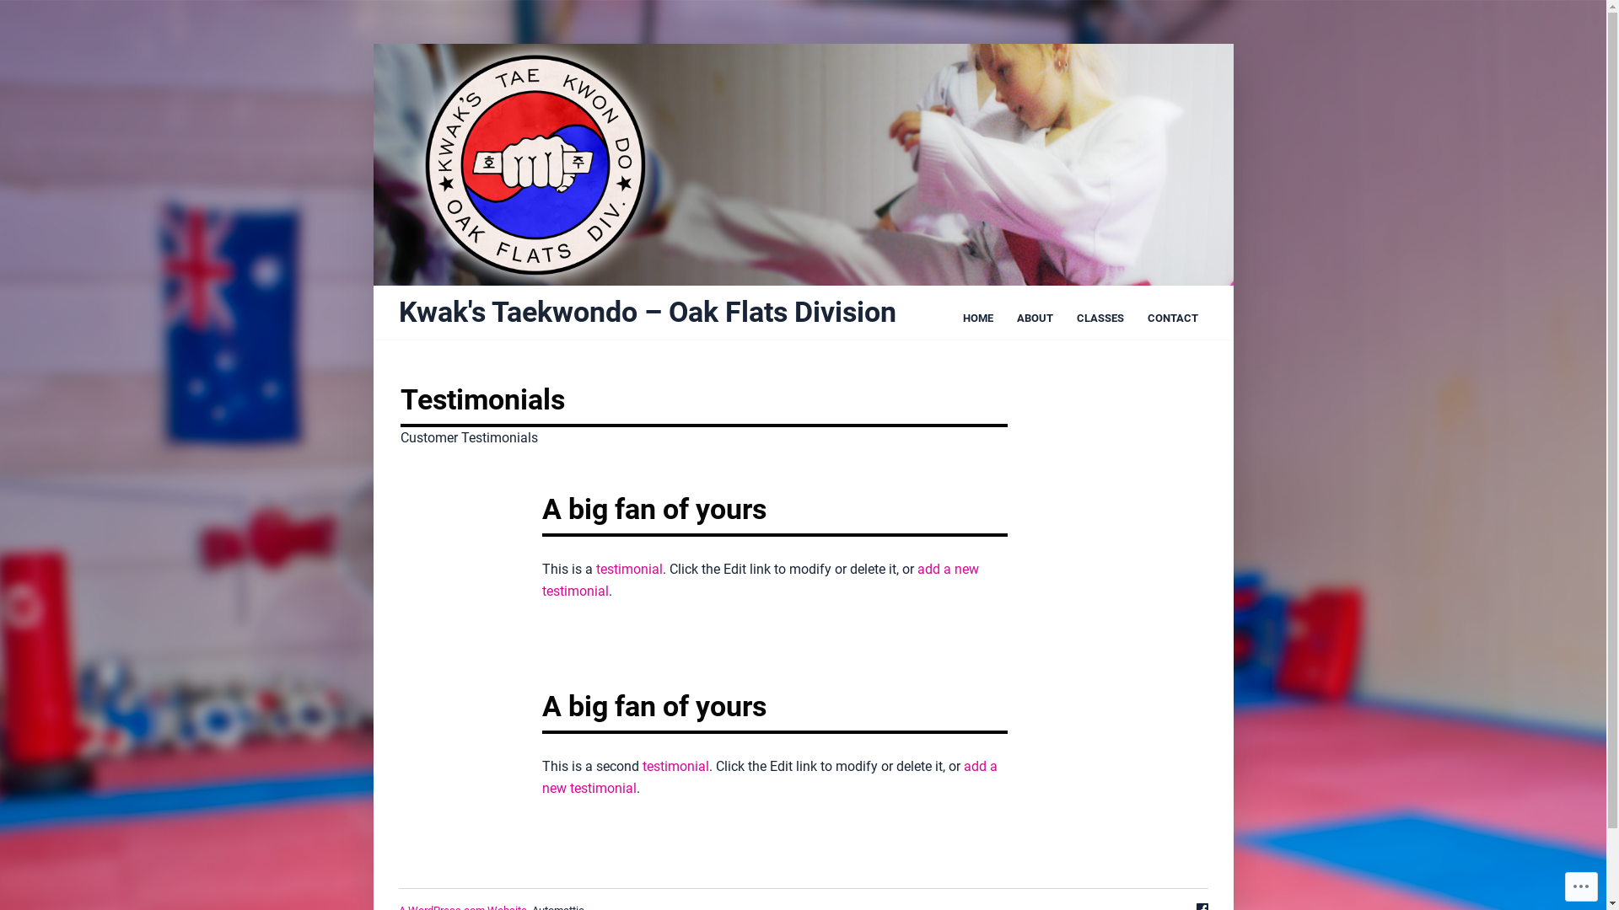 The image size is (1619, 910). What do you see at coordinates (542, 579) in the screenshot?
I see `'add a new testimonial'` at bounding box center [542, 579].